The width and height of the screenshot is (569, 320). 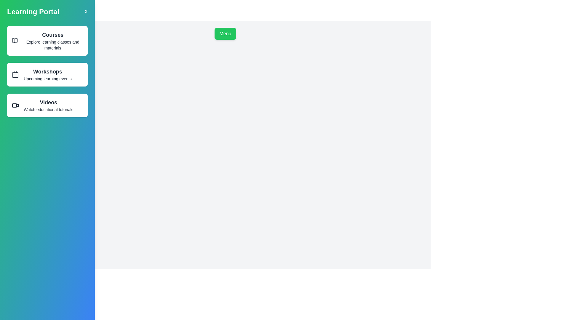 What do you see at coordinates (47, 105) in the screenshot?
I see `the Videos panel option from the LearningPortalDrawer` at bounding box center [47, 105].